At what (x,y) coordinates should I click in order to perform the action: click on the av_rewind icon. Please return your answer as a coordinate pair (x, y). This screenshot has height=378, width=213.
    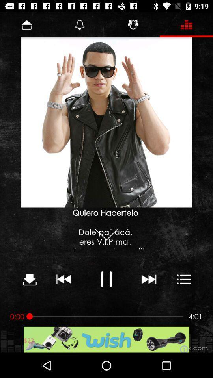
    Looking at the image, I should click on (64, 279).